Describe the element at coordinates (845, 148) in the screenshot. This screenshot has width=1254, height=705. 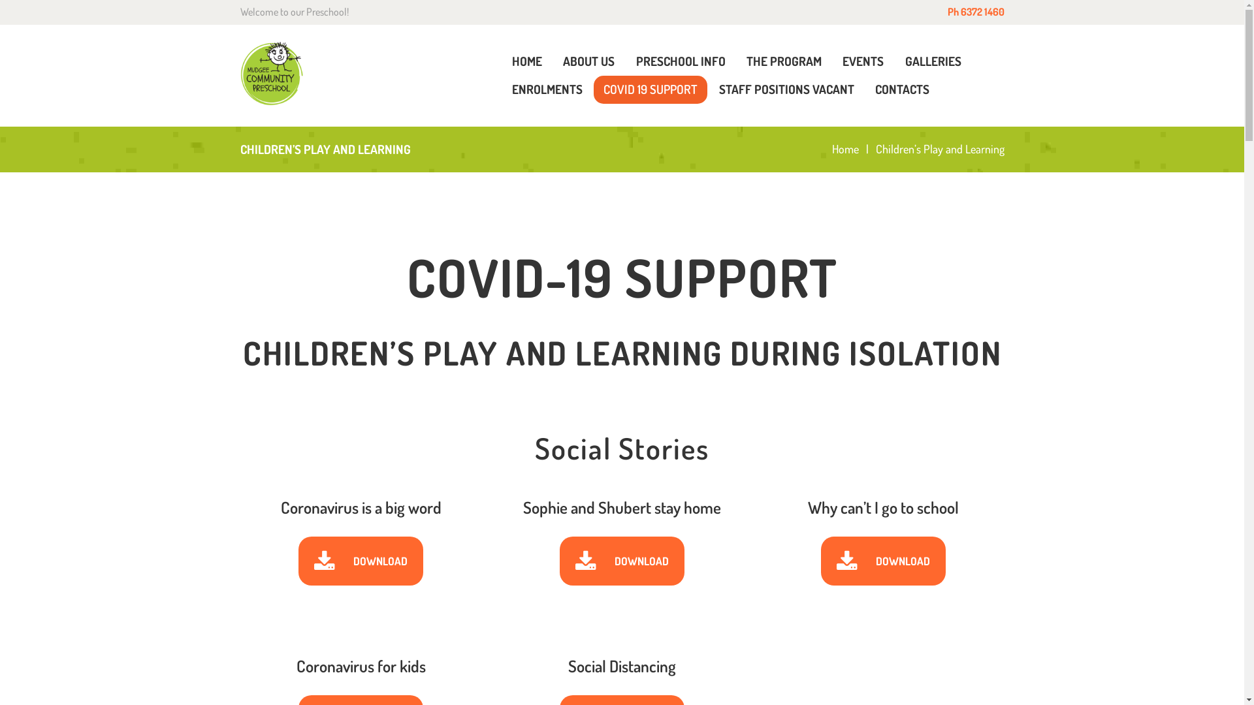
I see `'Home'` at that location.